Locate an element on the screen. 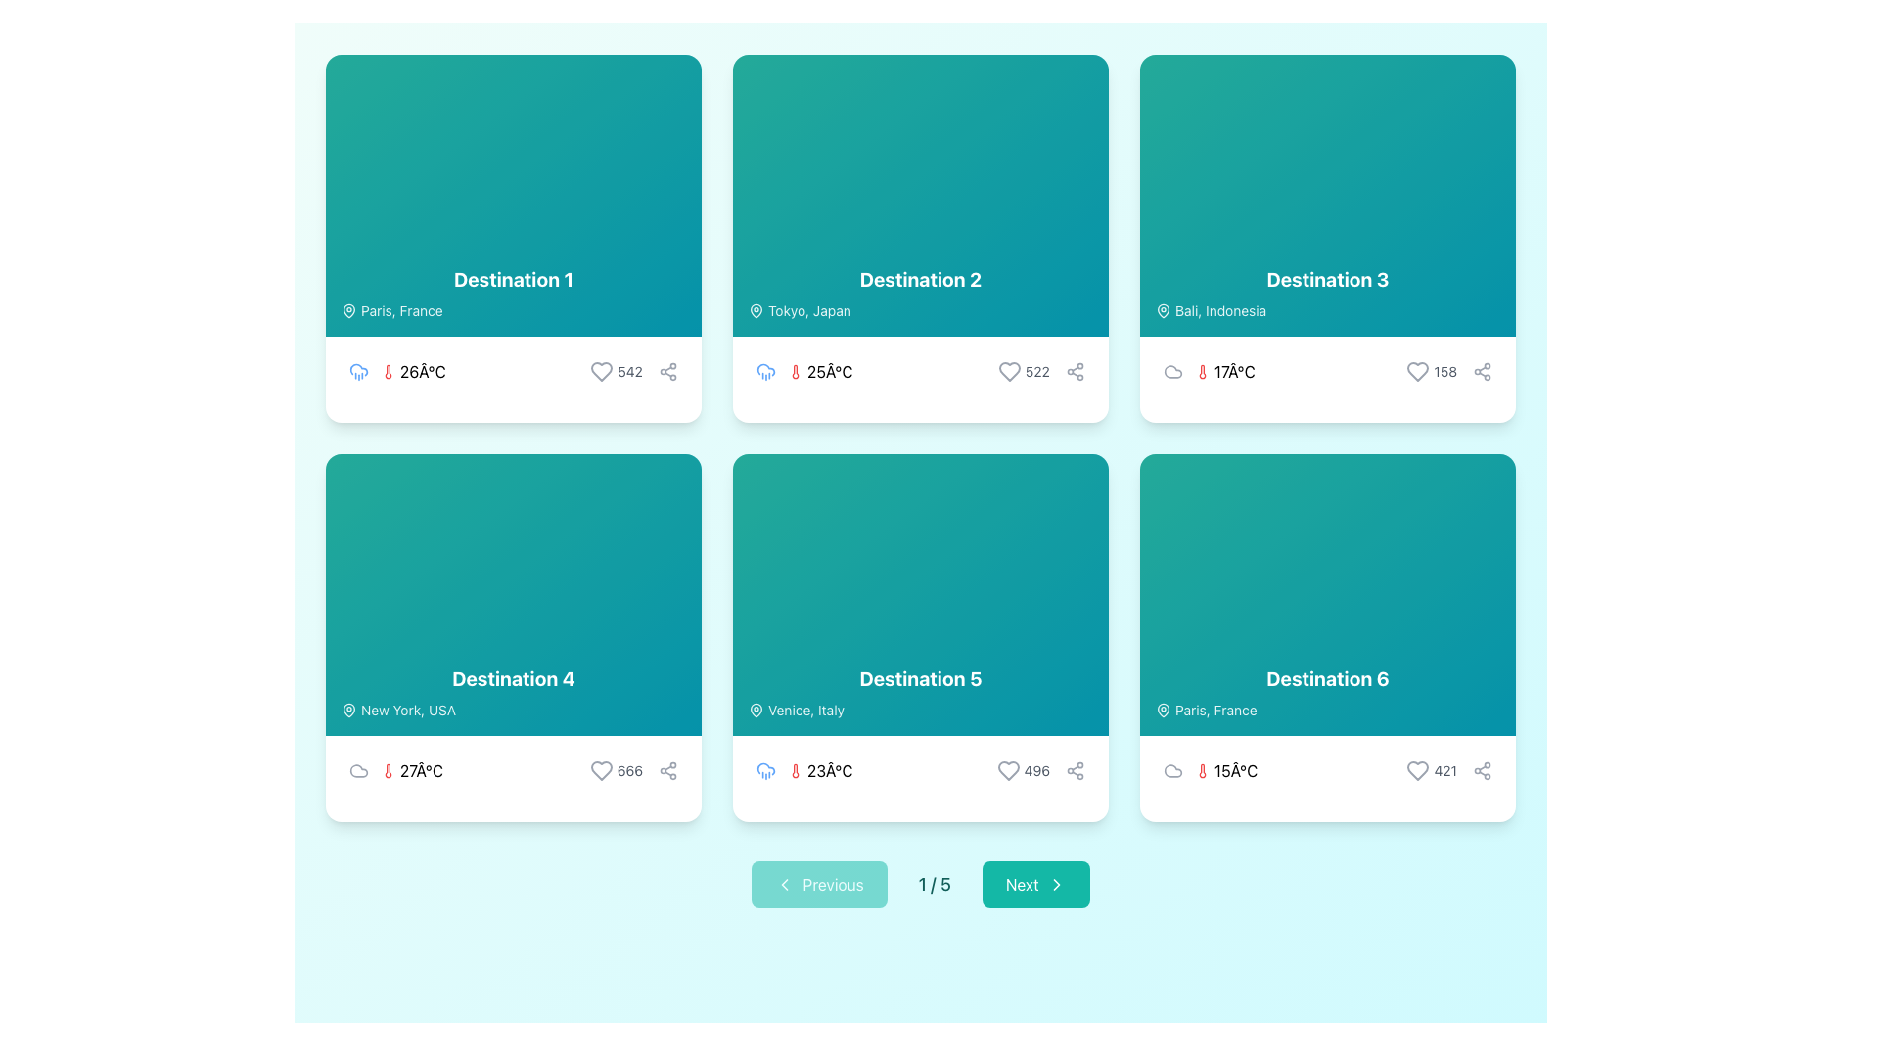  the cloud icon depicting rain, located in the Tokyo, Japan card, next to the text '25°C' is located at coordinates (764, 372).